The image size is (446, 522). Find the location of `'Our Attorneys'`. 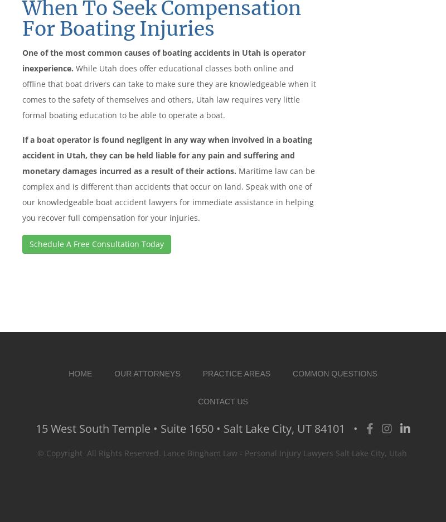

'Our Attorneys' is located at coordinates (114, 373).